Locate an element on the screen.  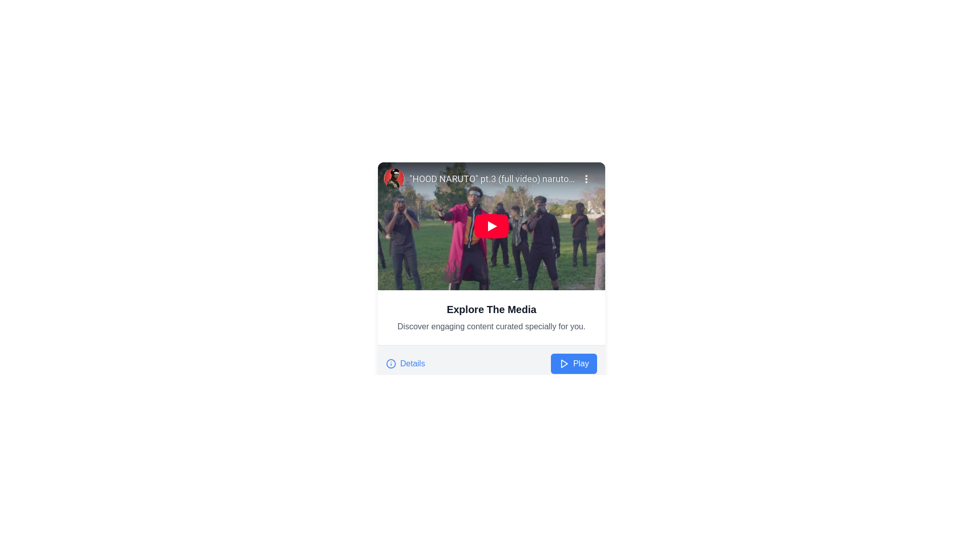
the text block titled 'Explore The Media' which contains the description 'Discover engaging content curated specially for you.' is located at coordinates (492, 317).